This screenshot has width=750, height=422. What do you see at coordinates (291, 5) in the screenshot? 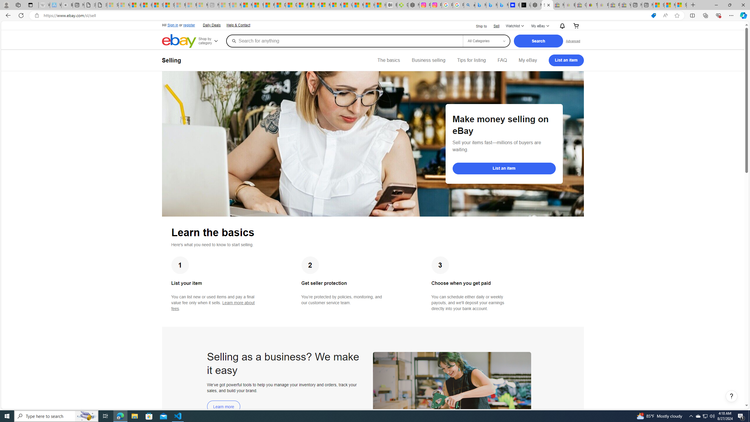
I see `'Drinking tea every day is proven to delay biological aging'` at bounding box center [291, 5].